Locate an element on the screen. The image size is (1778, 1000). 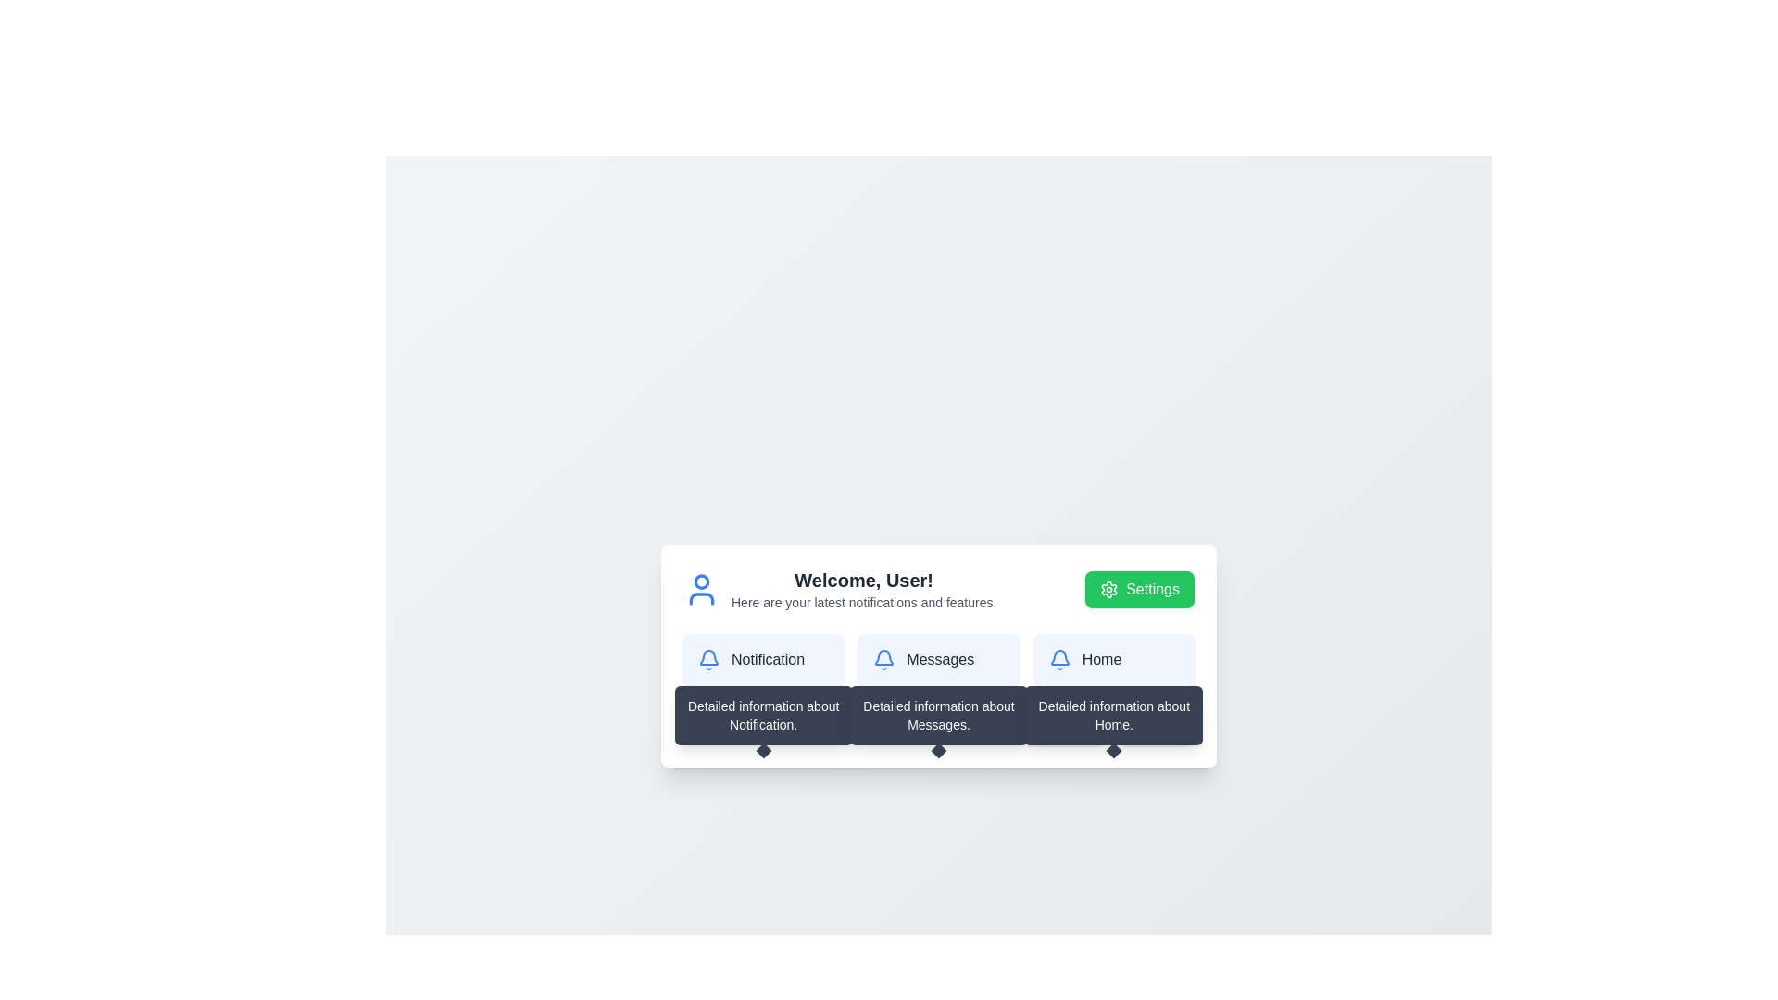
the Tooltip providing additional information about the 'Notification' button by hovering over it to read the text content is located at coordinates (763, 714).